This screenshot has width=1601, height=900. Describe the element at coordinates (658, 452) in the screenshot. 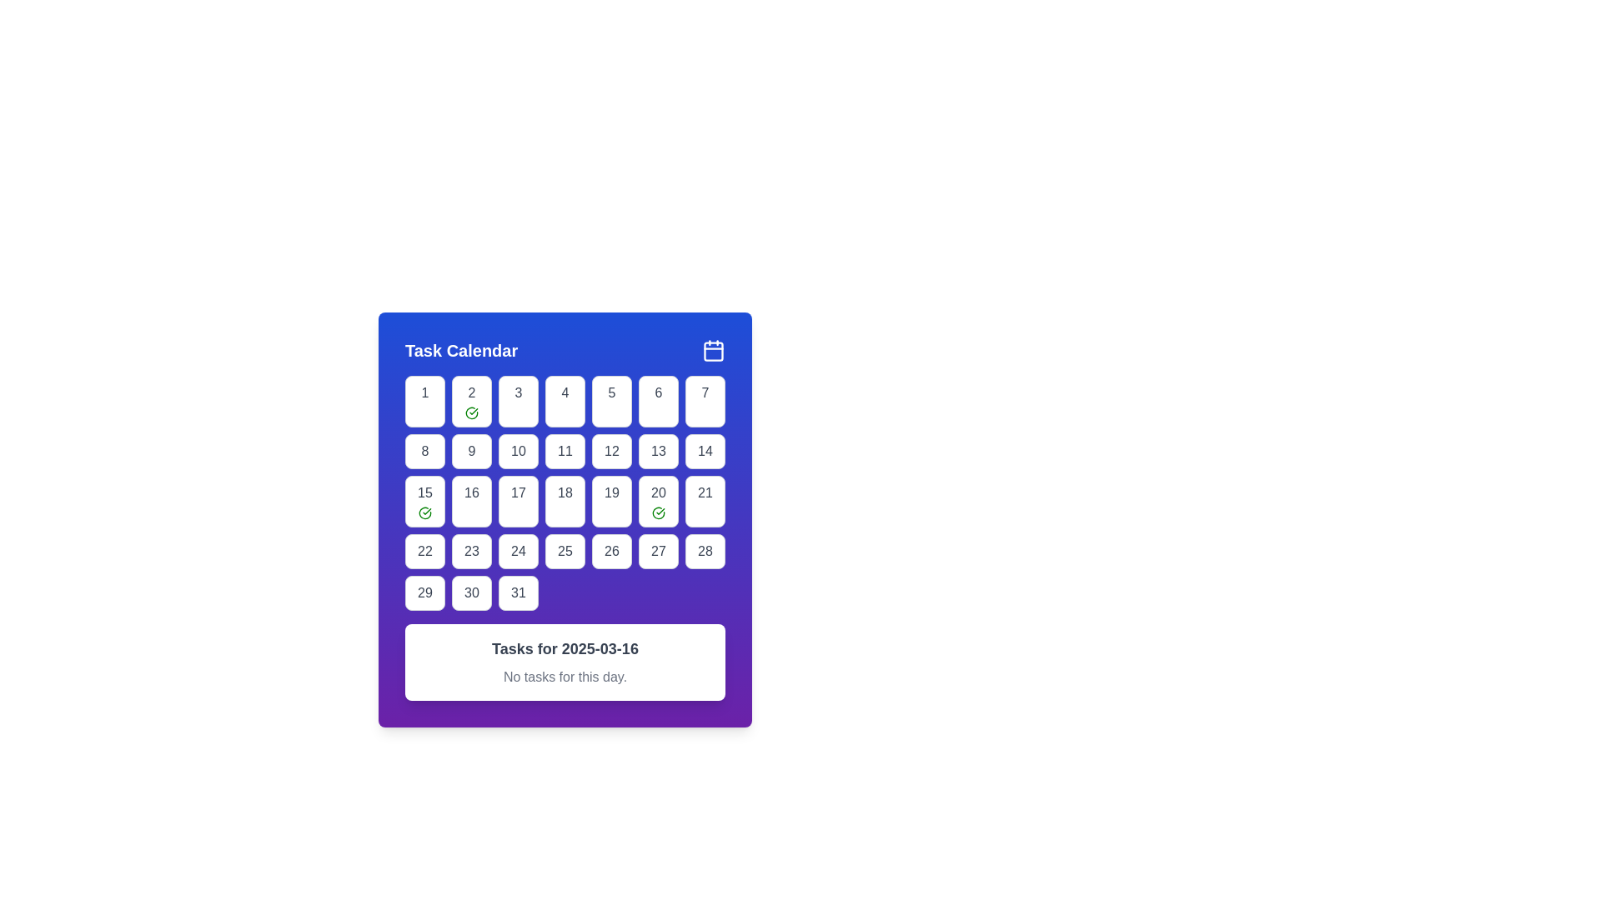

I see `the rounded rectangular button with a white background and gray border that displays the number '13'` at that location.